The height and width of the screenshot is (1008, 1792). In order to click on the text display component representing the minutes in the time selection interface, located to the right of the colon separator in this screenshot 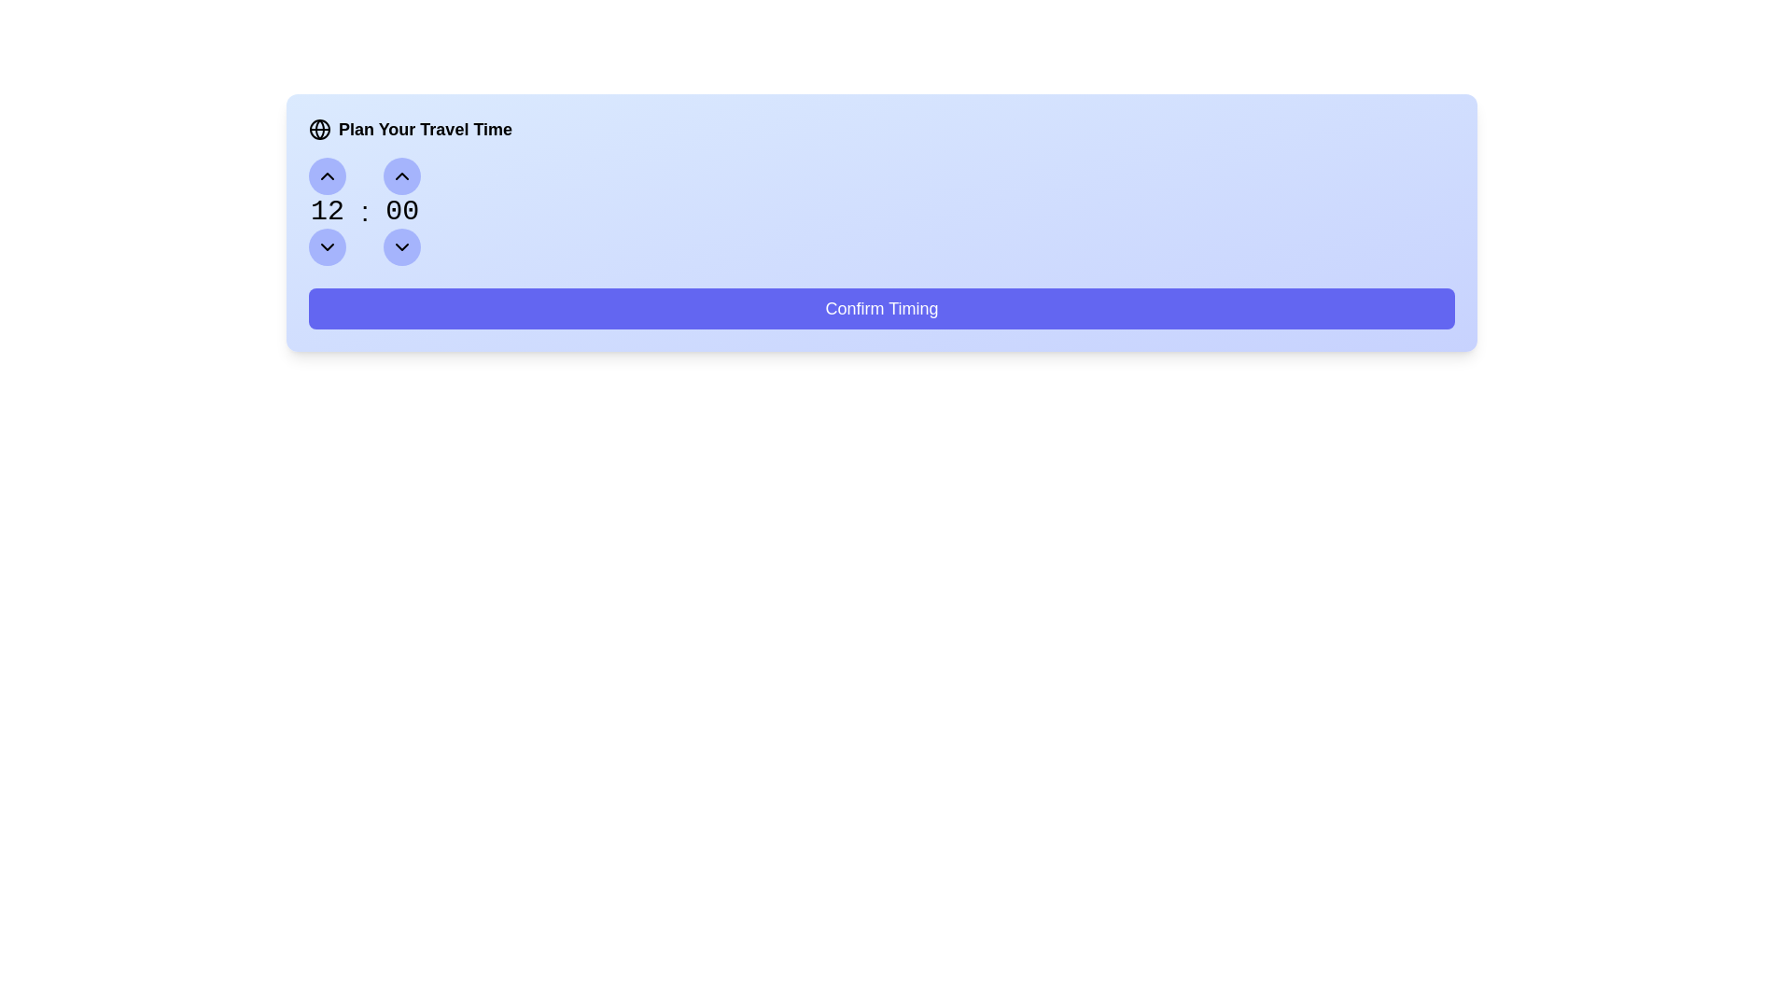, I will do `click(401, 211)`.